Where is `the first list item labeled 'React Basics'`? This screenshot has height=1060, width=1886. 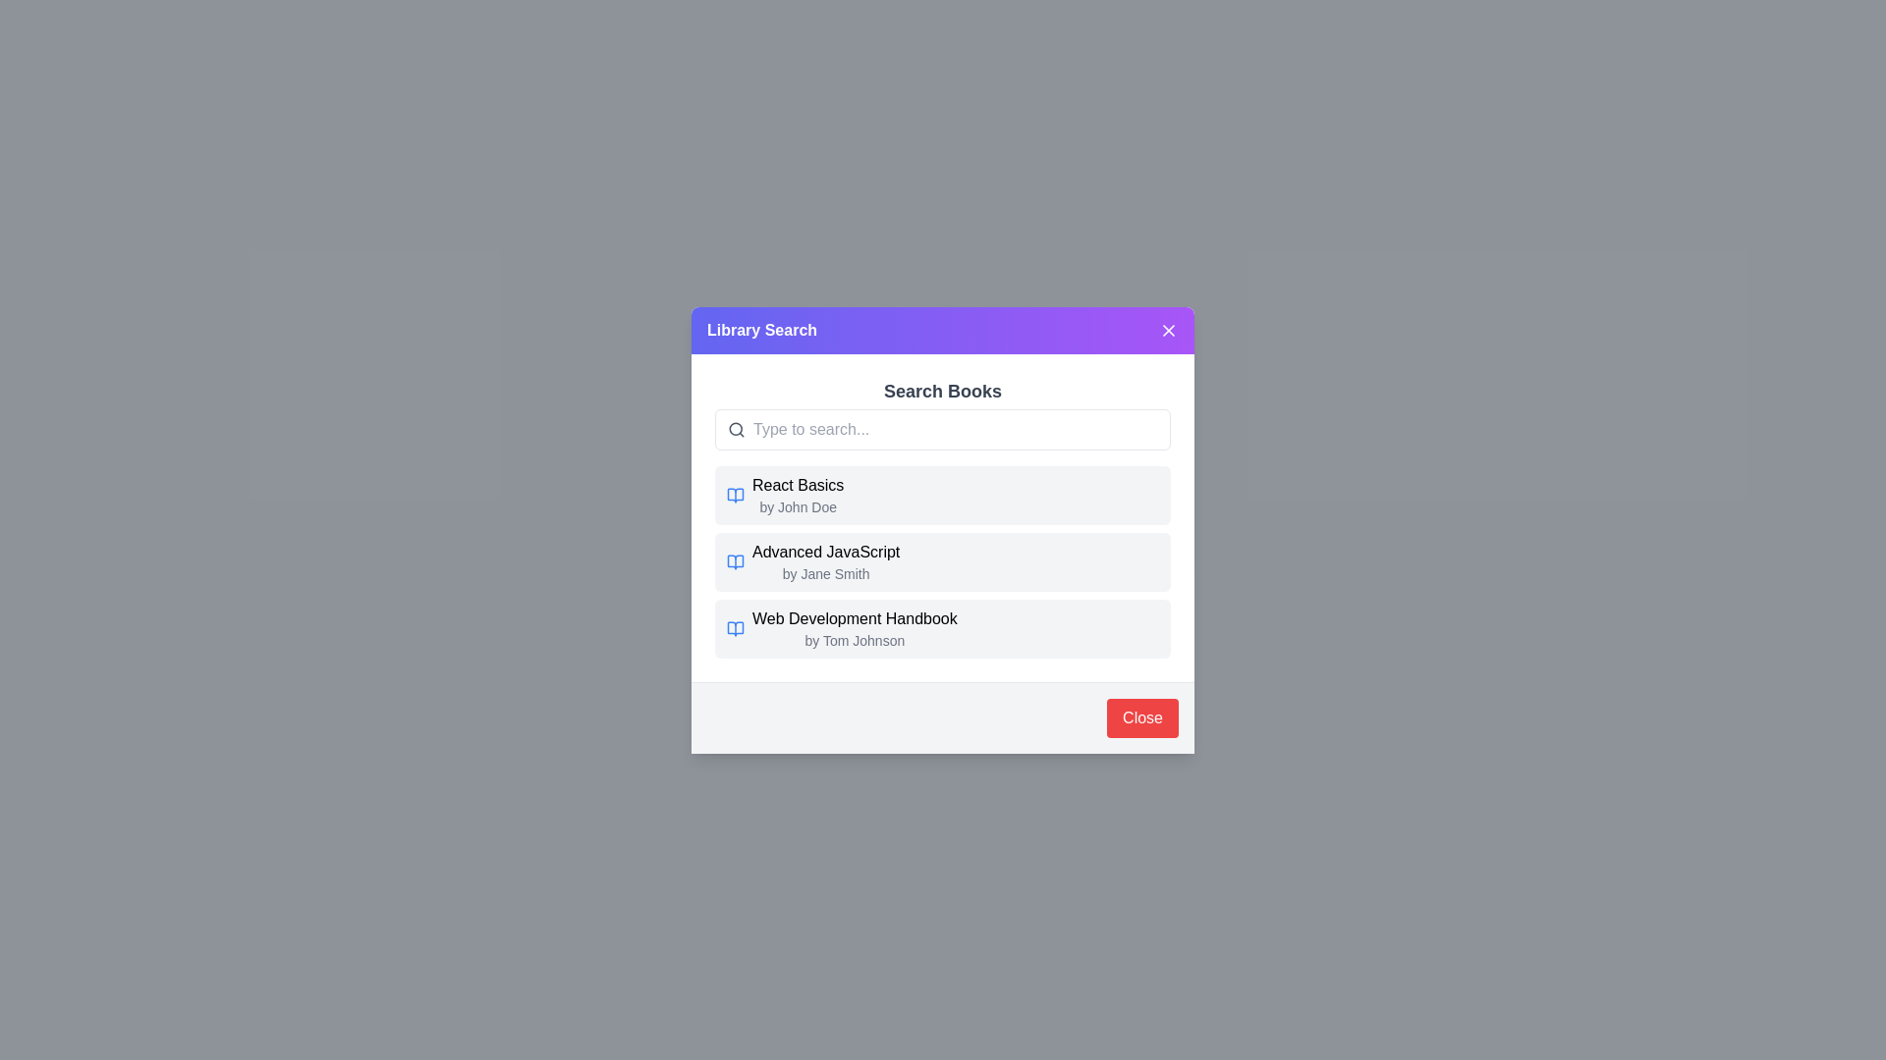 the first list item labeled 'React Basics' is located at coordinates (943, 494).